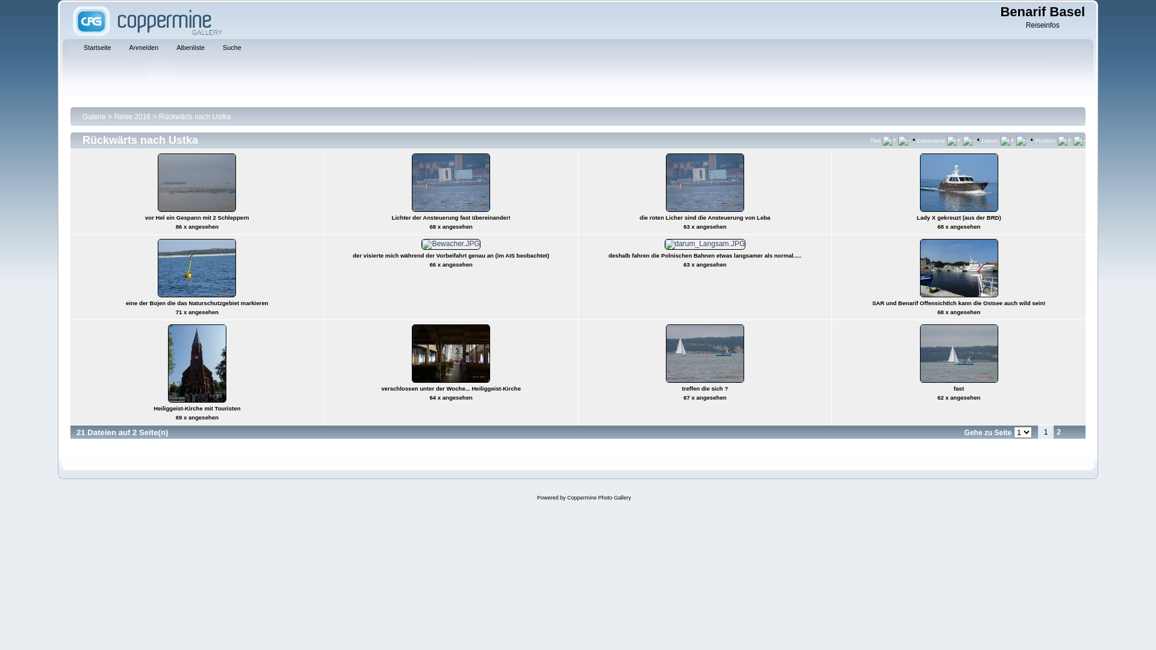  Describe the element at coordinates (186, 48) in the screenshot. I see `'Albenliste'` at that location.